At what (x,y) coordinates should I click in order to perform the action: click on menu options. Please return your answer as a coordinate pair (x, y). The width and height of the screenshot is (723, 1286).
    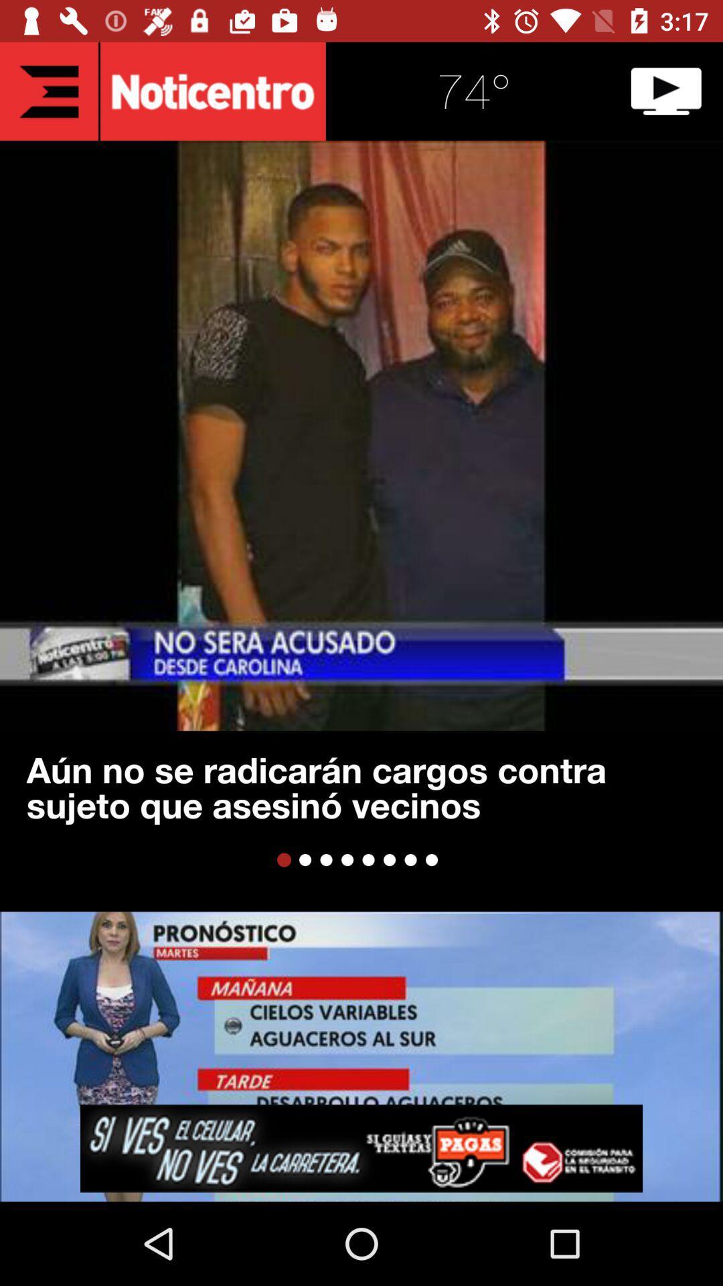
    Looking at the image, I should click on (48, 90).